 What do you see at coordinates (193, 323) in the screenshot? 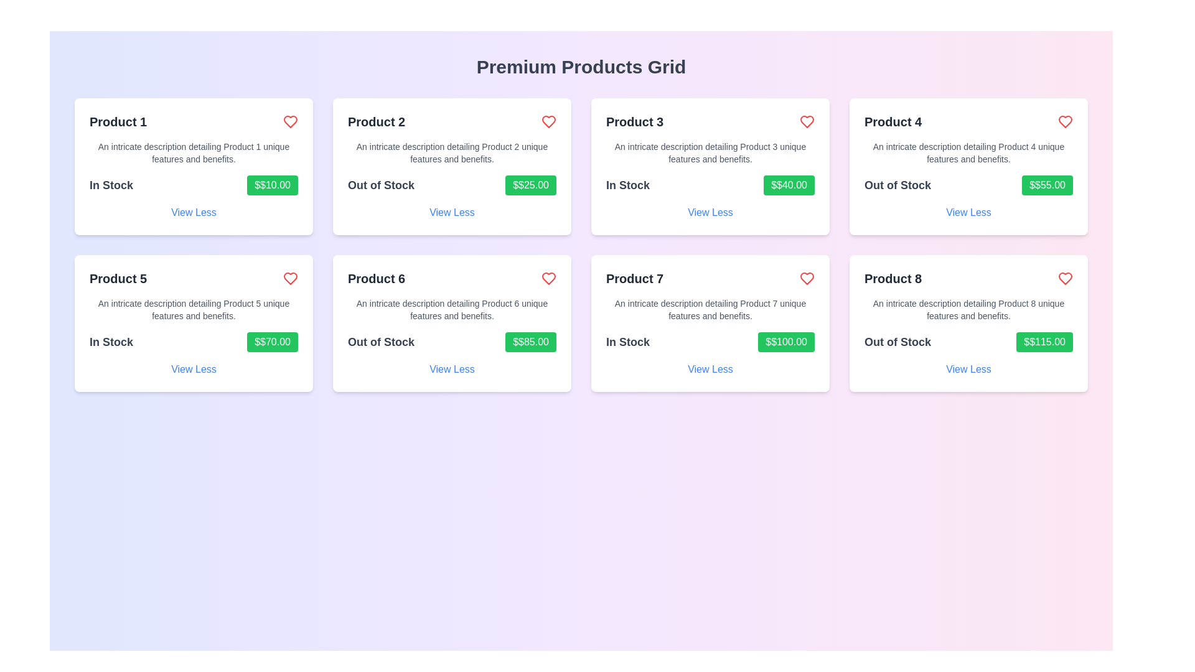
I see `the product card featuring 'Product 5', which has a white background, rounded corners, and includes details like 'In Stock' and a price of '$70.00'` at bounding box center [193, 323].